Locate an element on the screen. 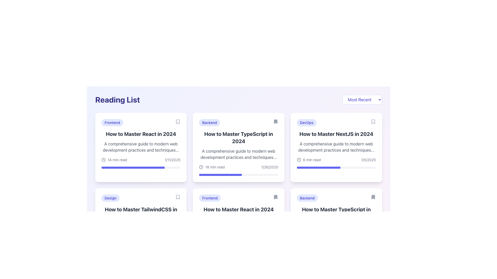  the progress bar segment indicating the completion percentage for the task in the card titled 'How to Master NextJS in 2024' located in the third column of the first row is located at coordinates (318, 167).